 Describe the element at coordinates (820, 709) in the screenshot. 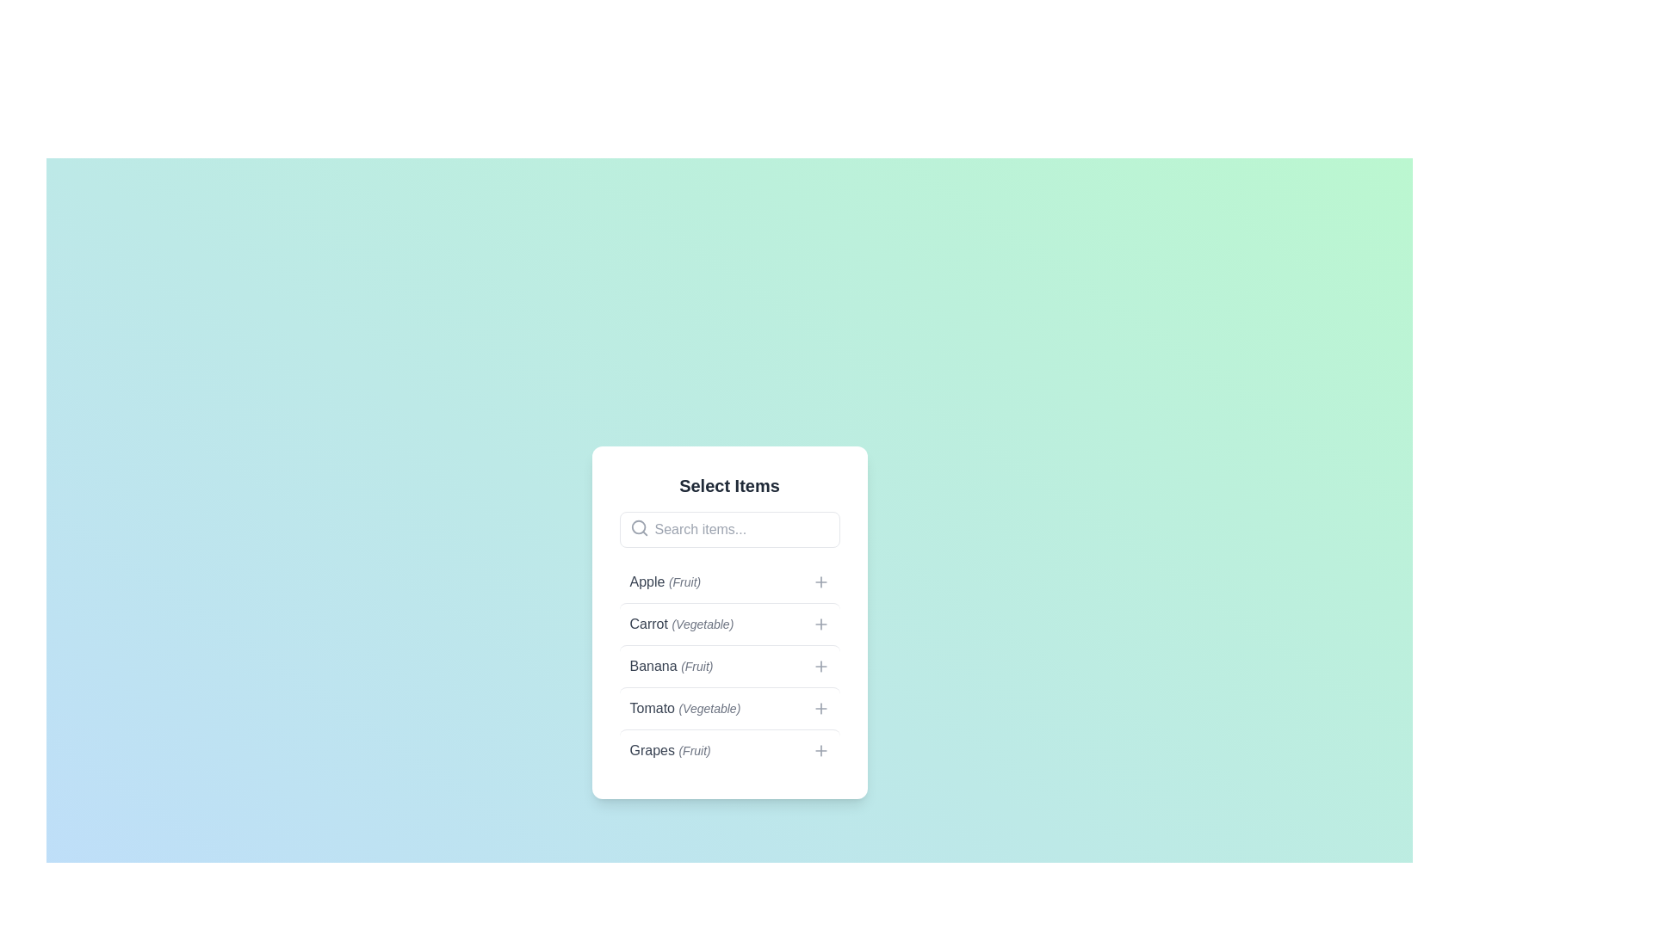

I see `the small gray plus sign icon at the far right of the 'Tomato (Vegetable)' list item` at that location.